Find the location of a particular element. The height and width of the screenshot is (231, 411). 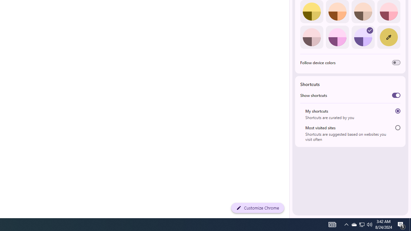

'Orange' is located at coordinates (337, 12).